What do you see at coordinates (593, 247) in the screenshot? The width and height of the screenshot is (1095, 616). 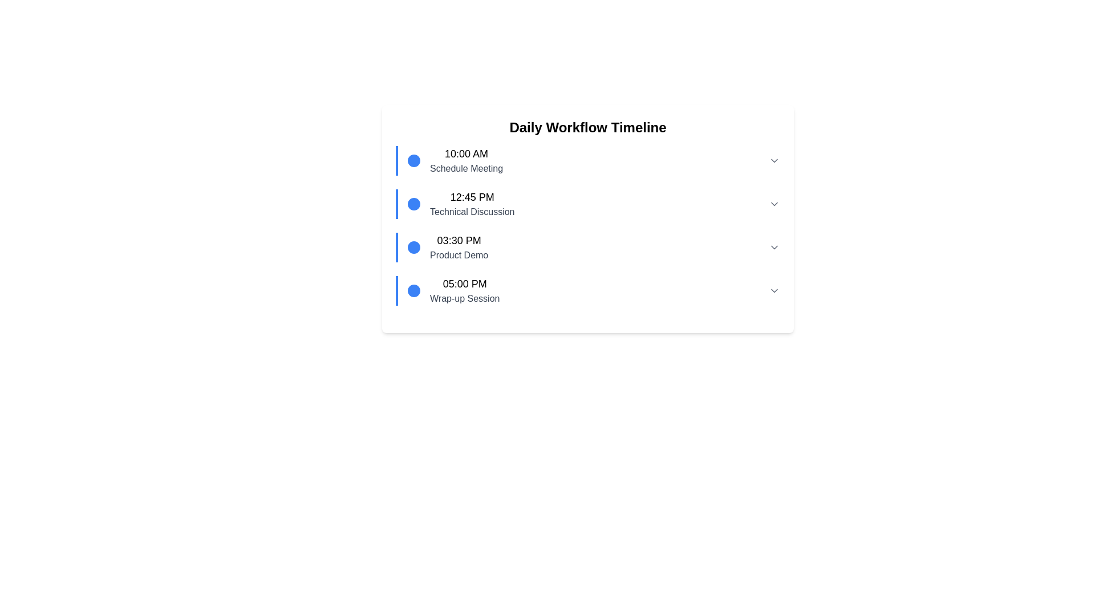 I see `the third timeline entry displaying the time and title of an event, which allows users to expand its details using the dropdown arrow` at bounding box center [593, 247].